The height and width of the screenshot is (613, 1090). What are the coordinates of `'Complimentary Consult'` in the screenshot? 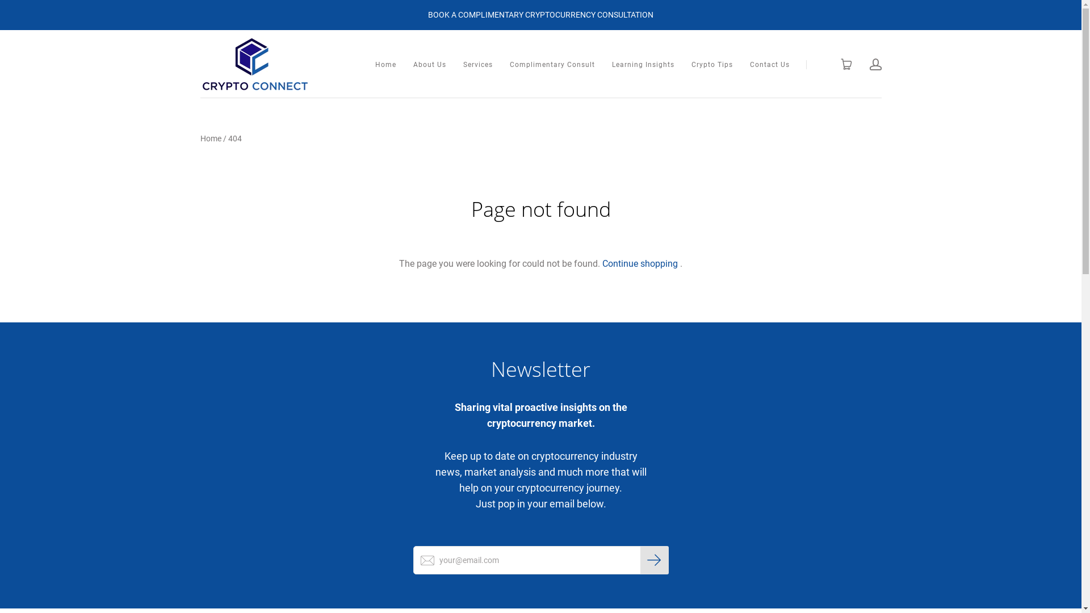 It's located at (552, 65).